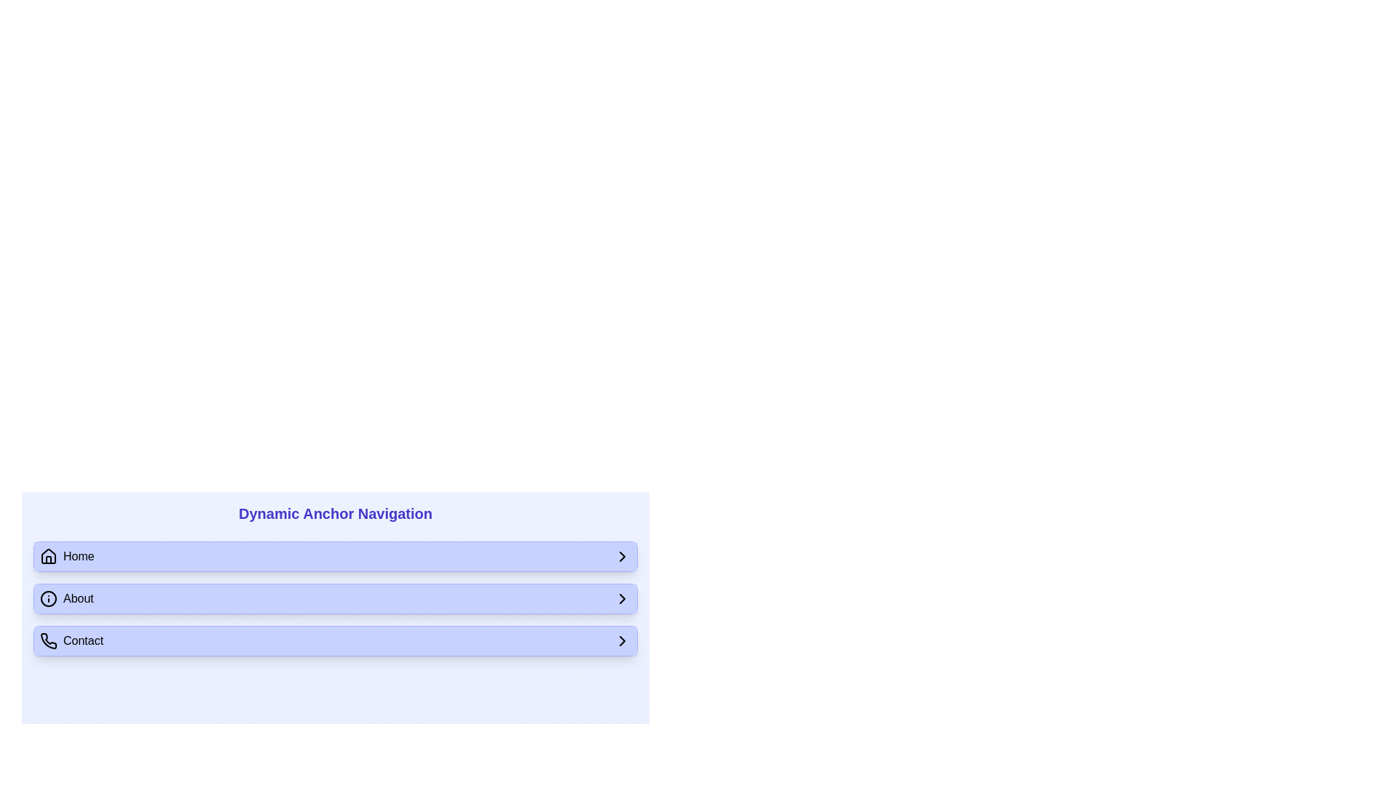 The width and height of the screenshot is (1398, 786). Describe the element at coordinates (49, 598) in the screenshot. I see `the information icon located in the second row of the navigation bar, to the left of the 'About' text` at that location.